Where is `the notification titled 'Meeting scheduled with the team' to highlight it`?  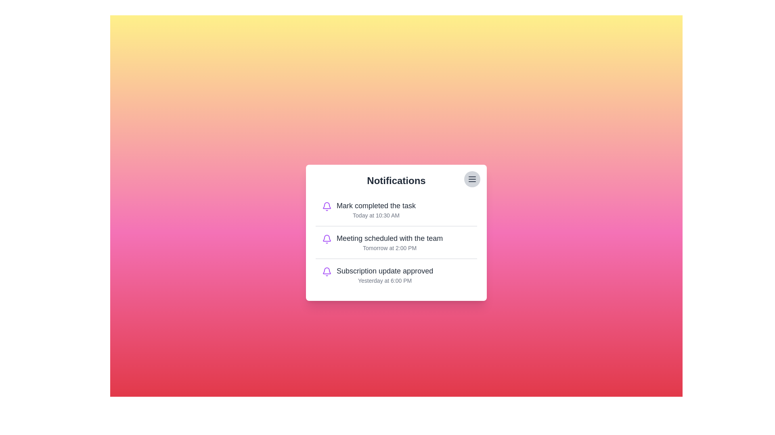
the notification titled 'Meeting scheduled with the team' to highlight it is located at coordinates (396, 242).